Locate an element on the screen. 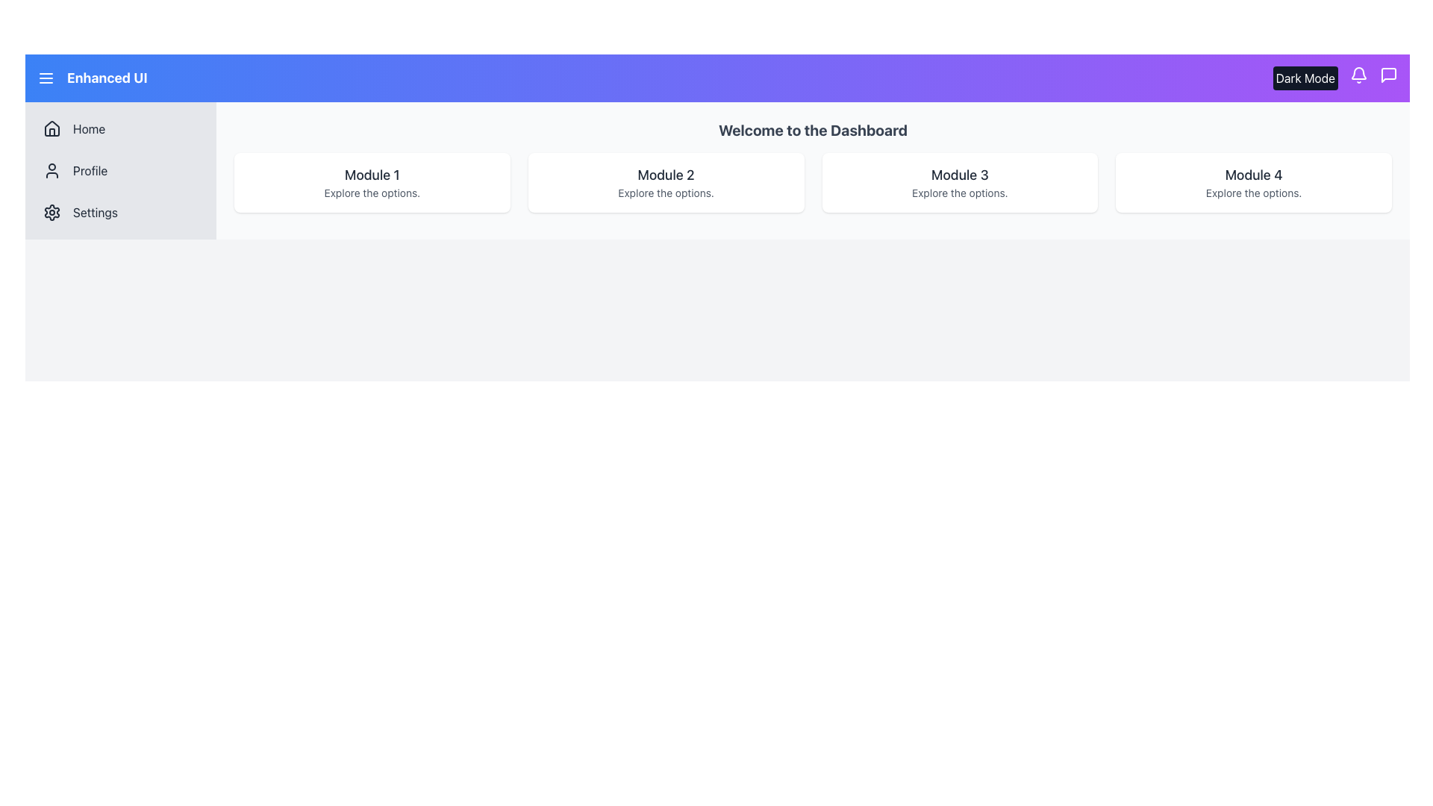 The width and height of the screenshot is (1433, 806). the toggle button in the top-right corner of the navigation bar is located at coordinates (1305, 78).